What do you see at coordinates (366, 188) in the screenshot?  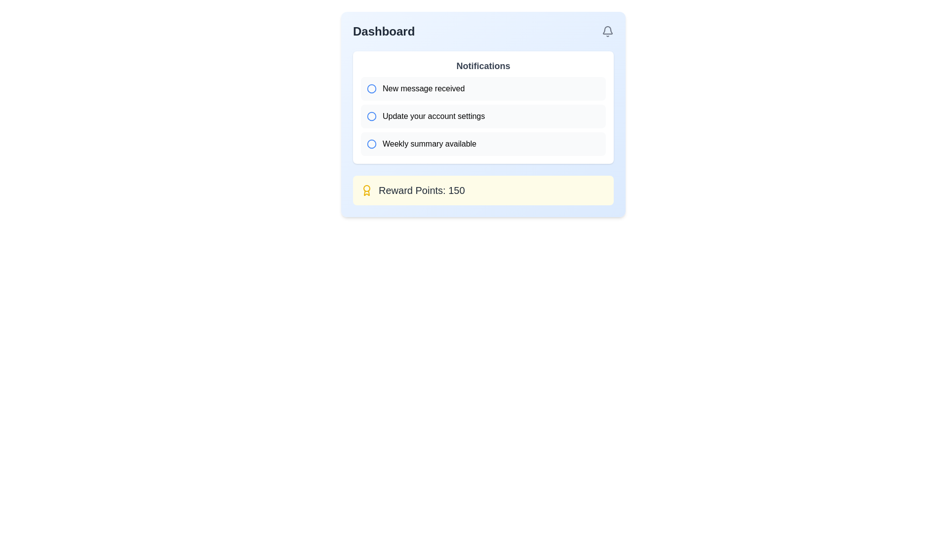 I see `the circular graphical component with a bright yellow border located in the center of the medal-like icon on the dashboard` at bounding box center [366, 188].